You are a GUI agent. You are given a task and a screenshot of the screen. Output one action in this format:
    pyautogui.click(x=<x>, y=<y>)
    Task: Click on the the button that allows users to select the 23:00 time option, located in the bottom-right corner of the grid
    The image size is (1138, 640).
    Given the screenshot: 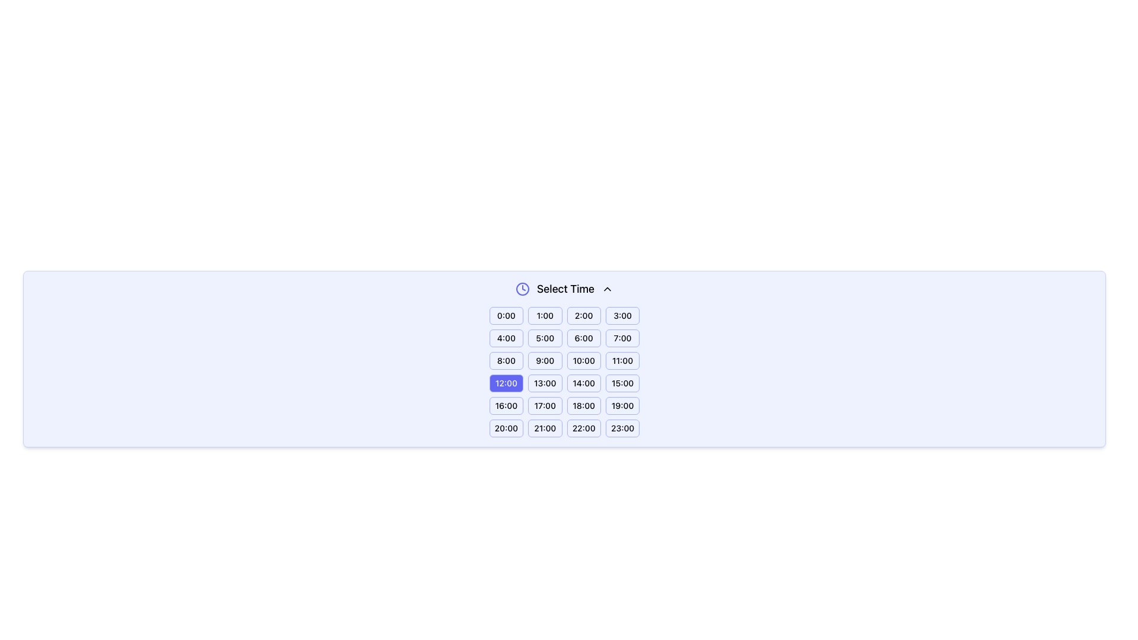 What is the action you would take?
    pyautogui.click(x=622, y=428)
    